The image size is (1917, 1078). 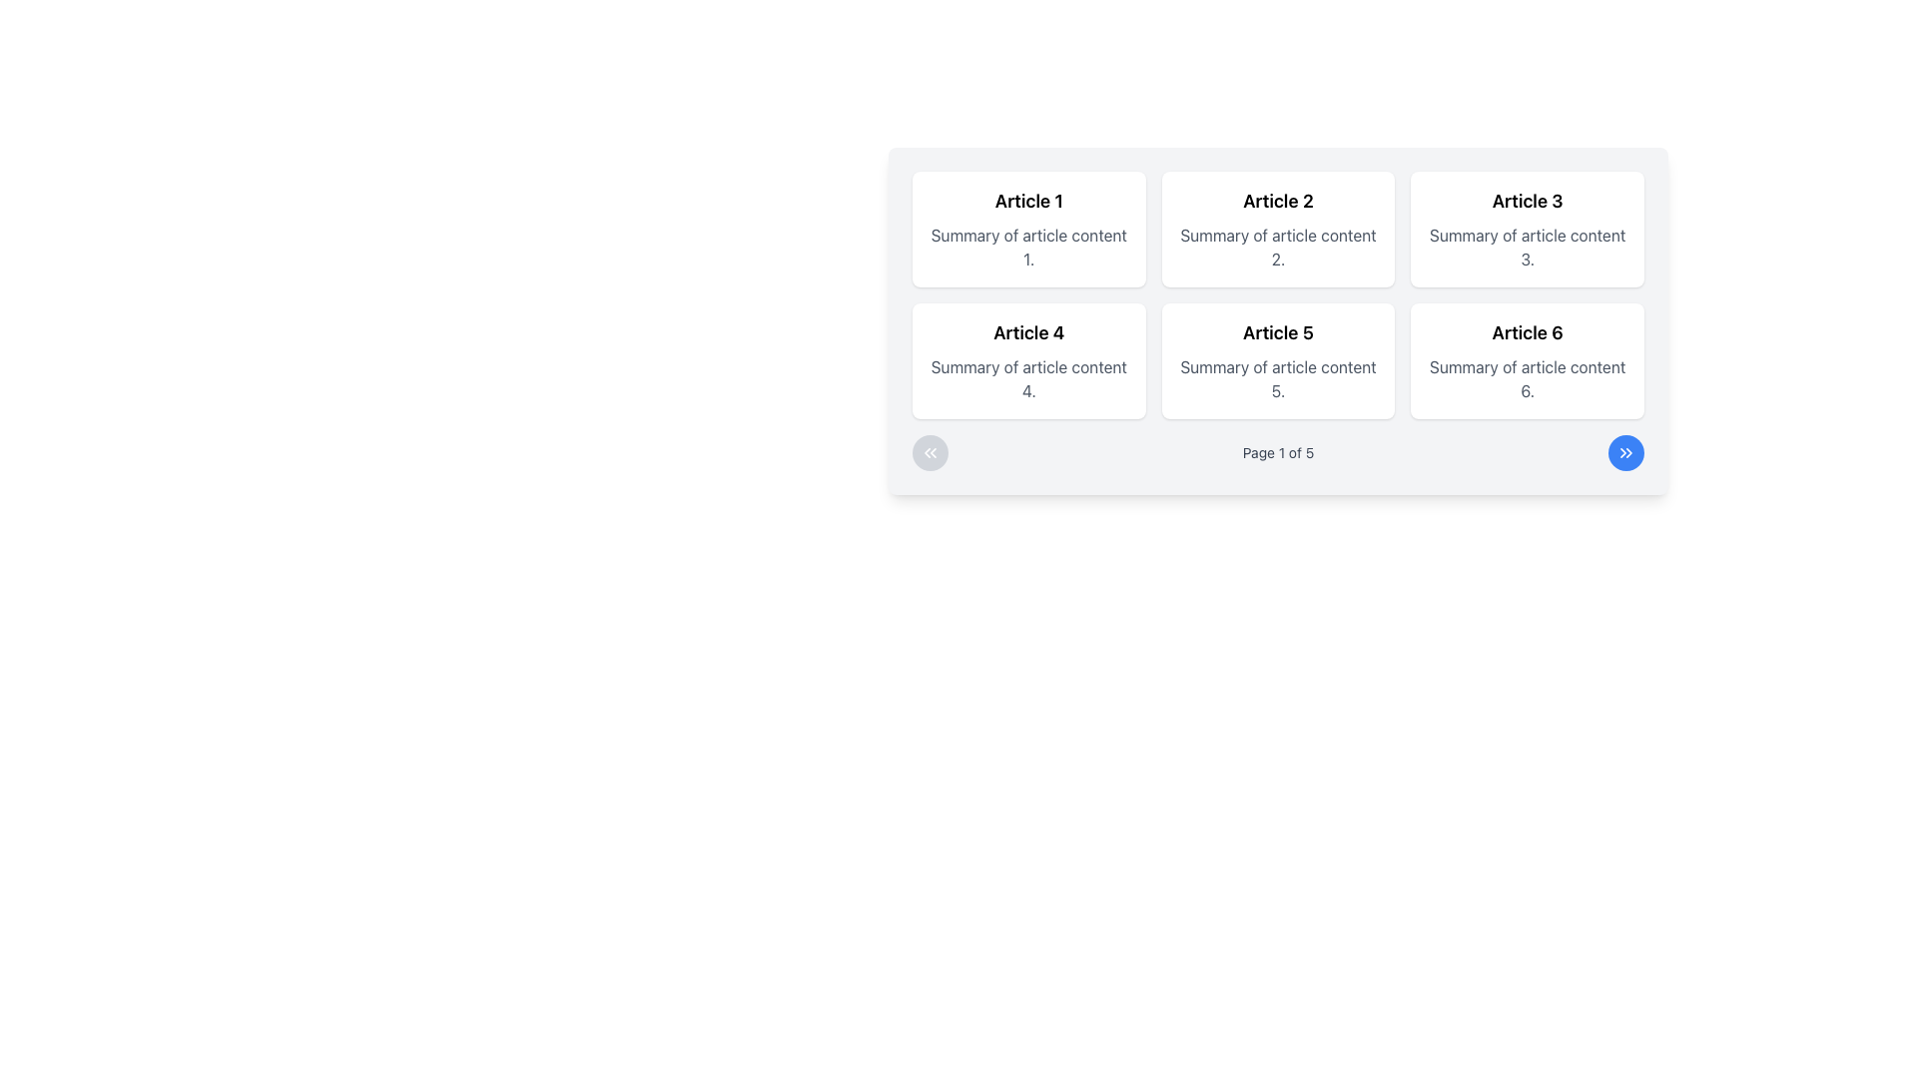 I want to click on the title text 'Article 1' inside the first content card of the grid layout, which is styled prominently and located at the top-left corner, so click(x=1028, y=201).